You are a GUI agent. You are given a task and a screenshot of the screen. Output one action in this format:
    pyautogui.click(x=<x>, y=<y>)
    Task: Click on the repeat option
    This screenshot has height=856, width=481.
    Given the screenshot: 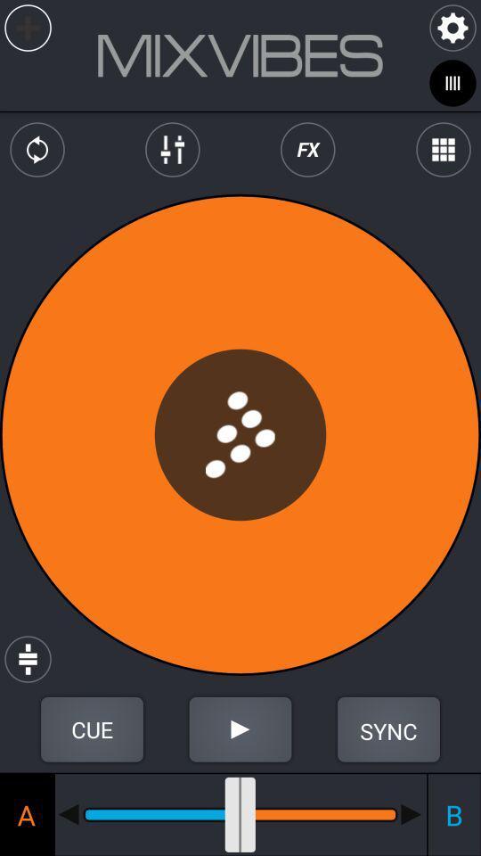 What is the action you would take?
    pyautogui.click(x=37, y=149)
    